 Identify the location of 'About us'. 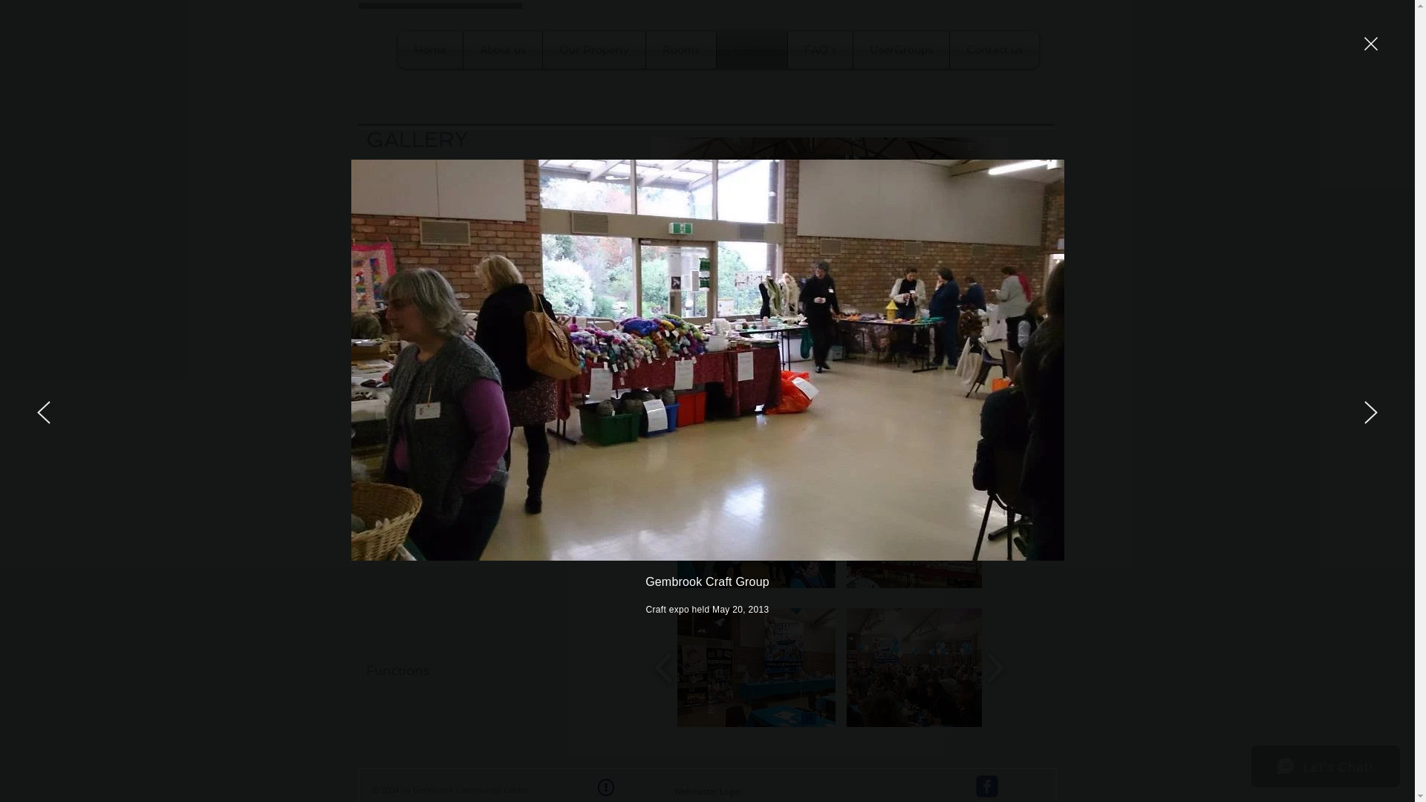
(502, 48).